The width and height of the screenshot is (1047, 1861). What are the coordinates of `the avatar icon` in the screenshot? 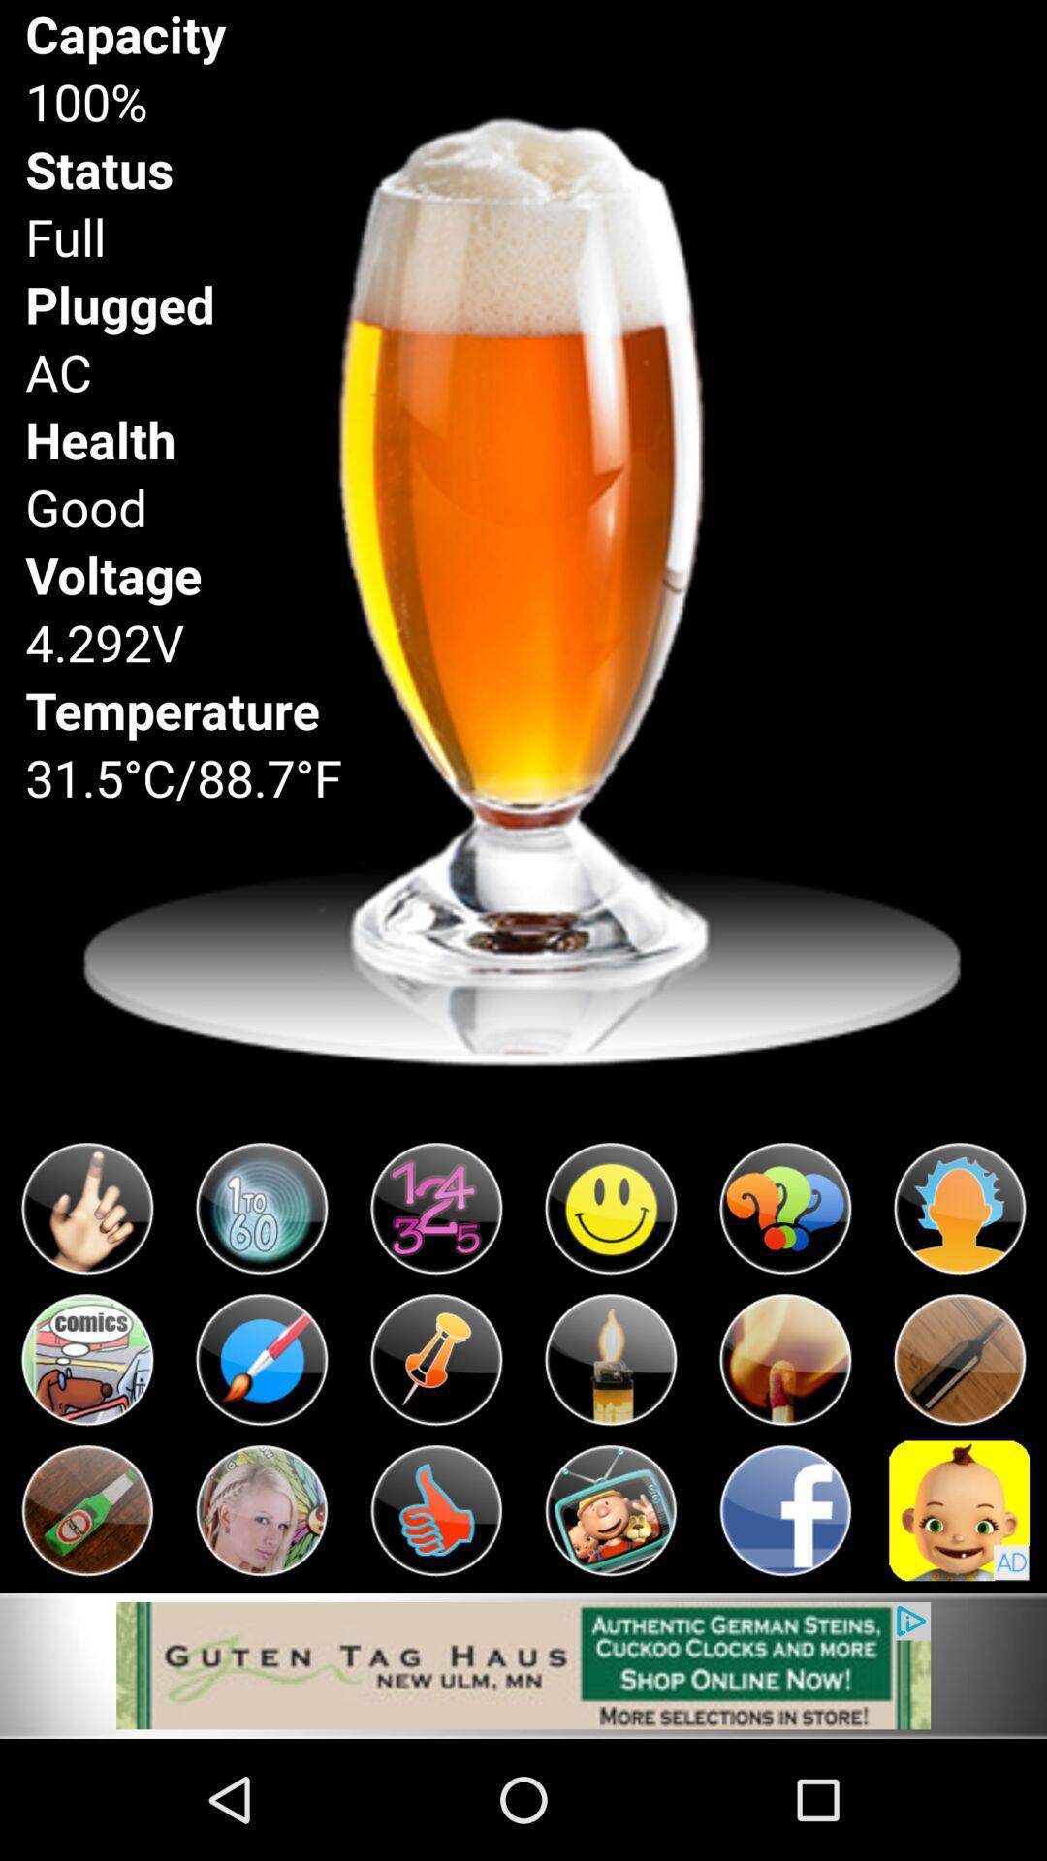 It's located at (960, 1293).